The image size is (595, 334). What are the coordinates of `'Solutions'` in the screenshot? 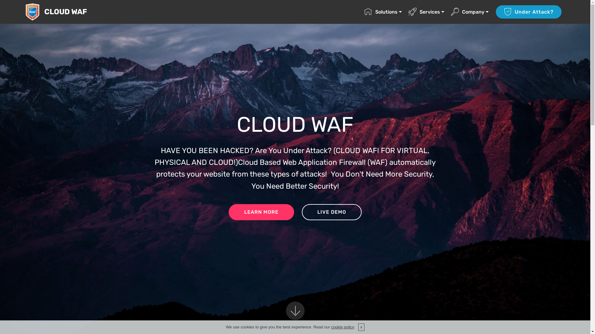 It's located at (364, 12).